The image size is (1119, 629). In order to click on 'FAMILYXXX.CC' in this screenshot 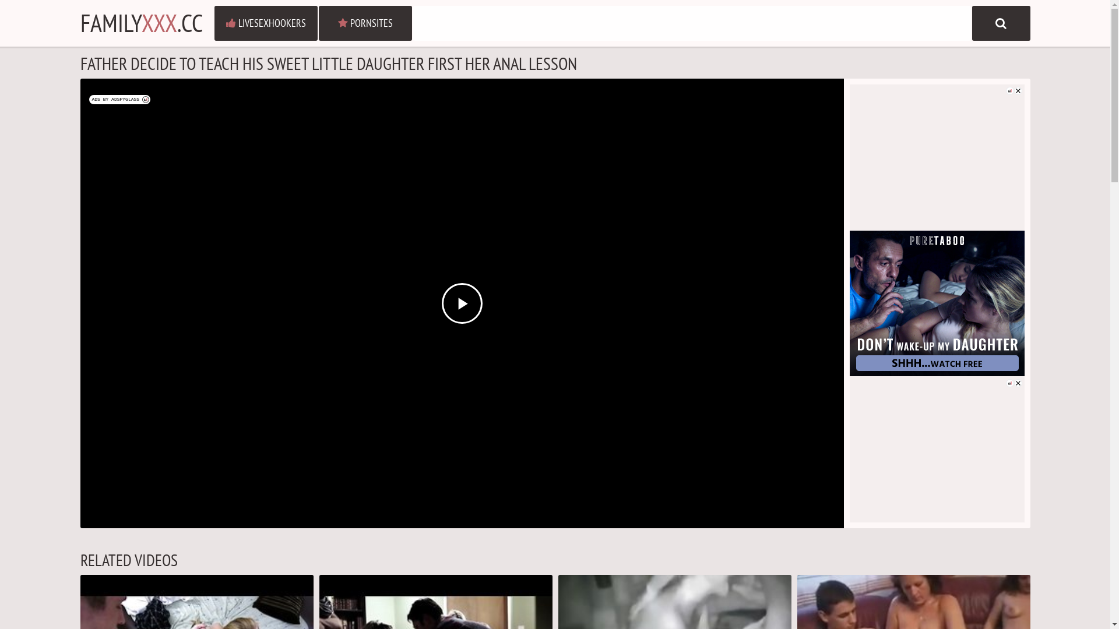, I will do `click(141, 23)`.